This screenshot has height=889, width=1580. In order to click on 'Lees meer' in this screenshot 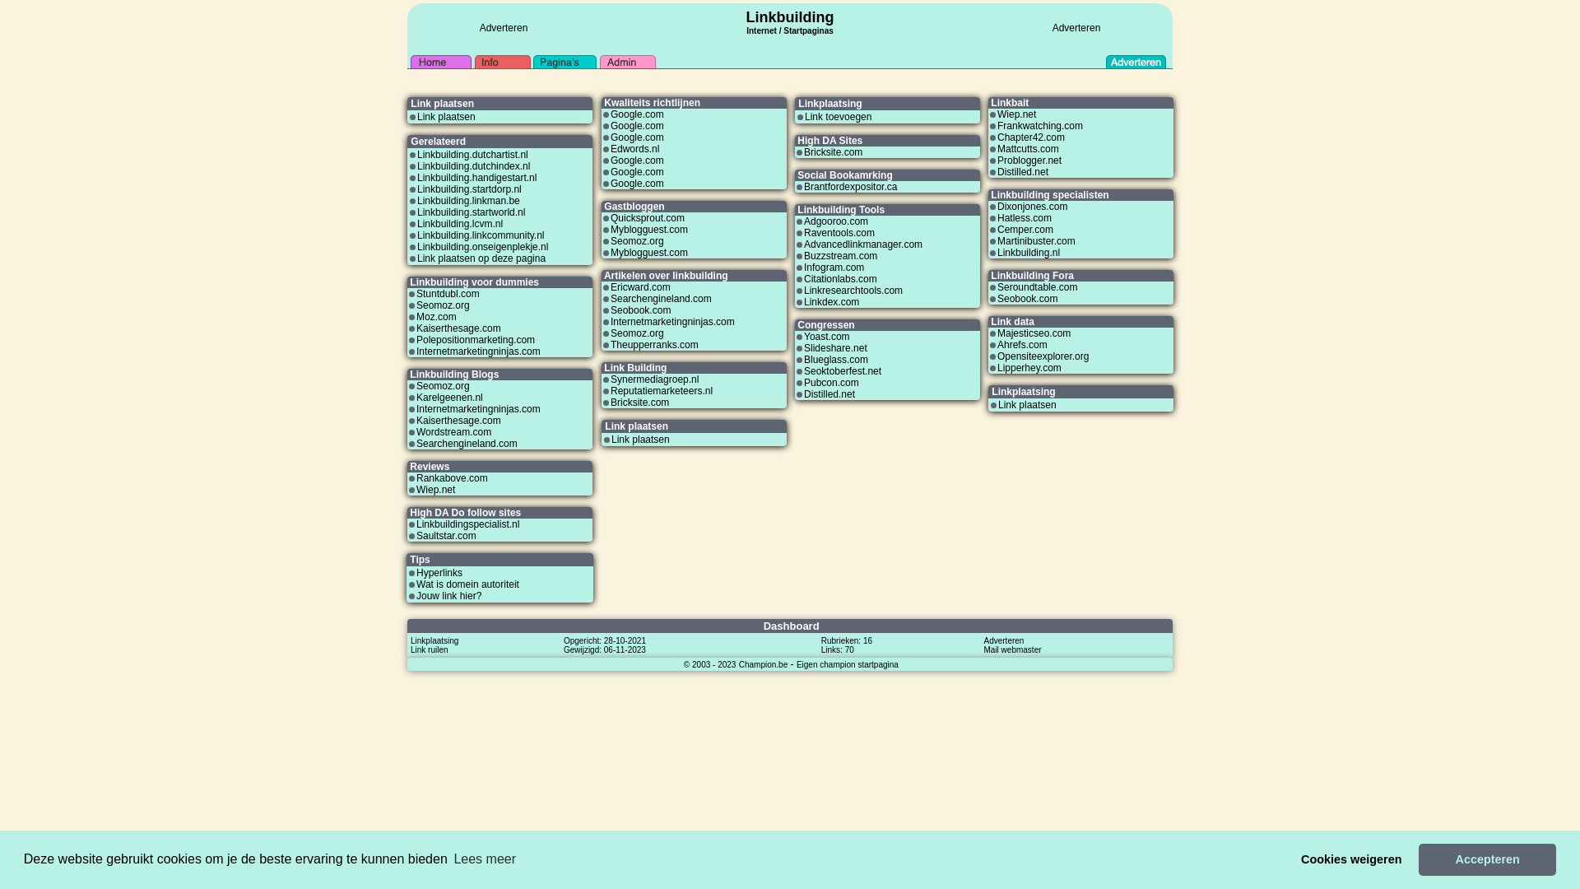, I will do `click(450, 859)`.